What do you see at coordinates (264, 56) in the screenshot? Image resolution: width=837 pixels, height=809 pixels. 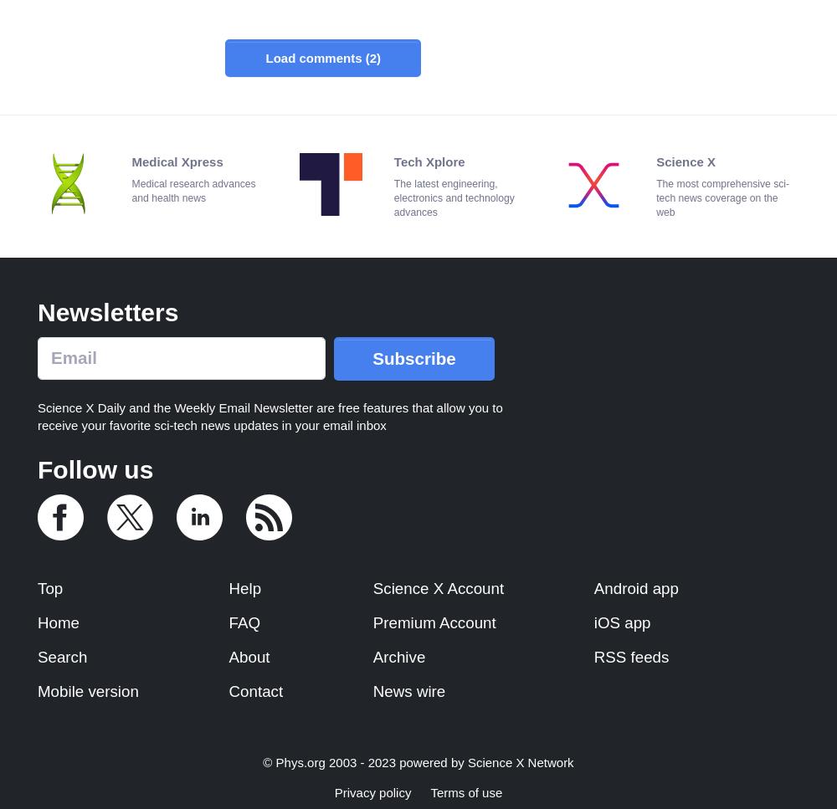 I see `'Load comments (2)'` at bounding box center [264, 56].